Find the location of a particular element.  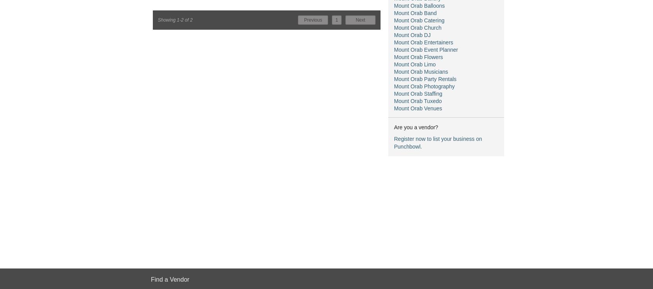

'Mount Orab Event Planner' is located at coordinates (426, 49).